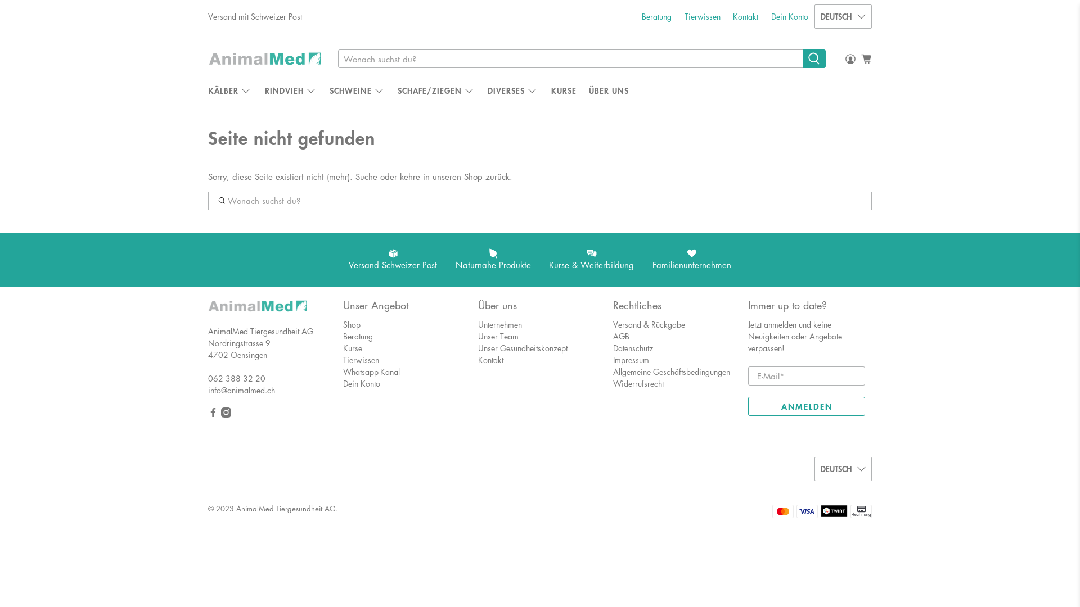 This screenshot has width=1080, height=607. What do you see at coordinates (236, 378) in the screenshot?
I see `'062 388 32 20'` at bounding box center [236, 378].